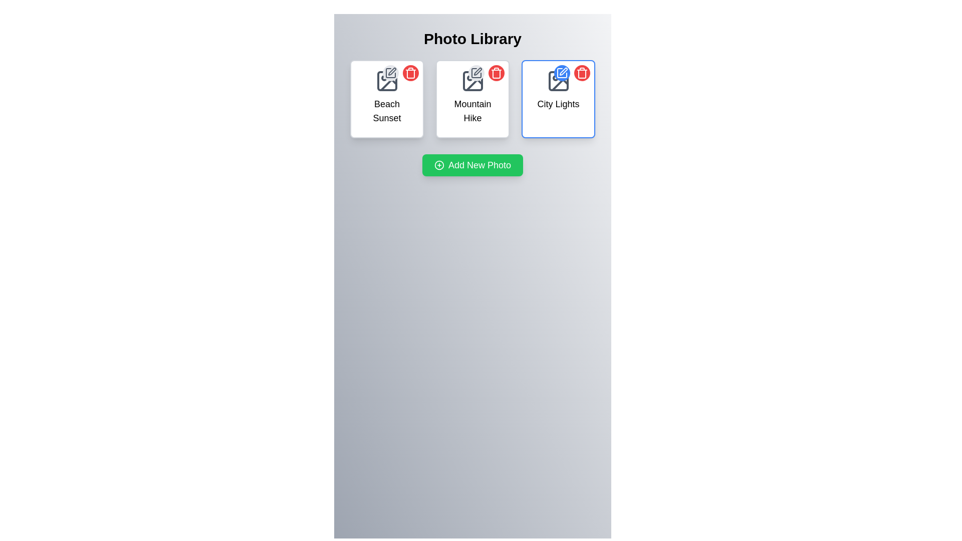 The width and height of the screenshot is (962, 541). What do you see at coordinates (582, 73) in the screenshot?
I see `the trash can icon component located at the top-right corner of the 'City Lights' card` at bounding box center [582, 73].